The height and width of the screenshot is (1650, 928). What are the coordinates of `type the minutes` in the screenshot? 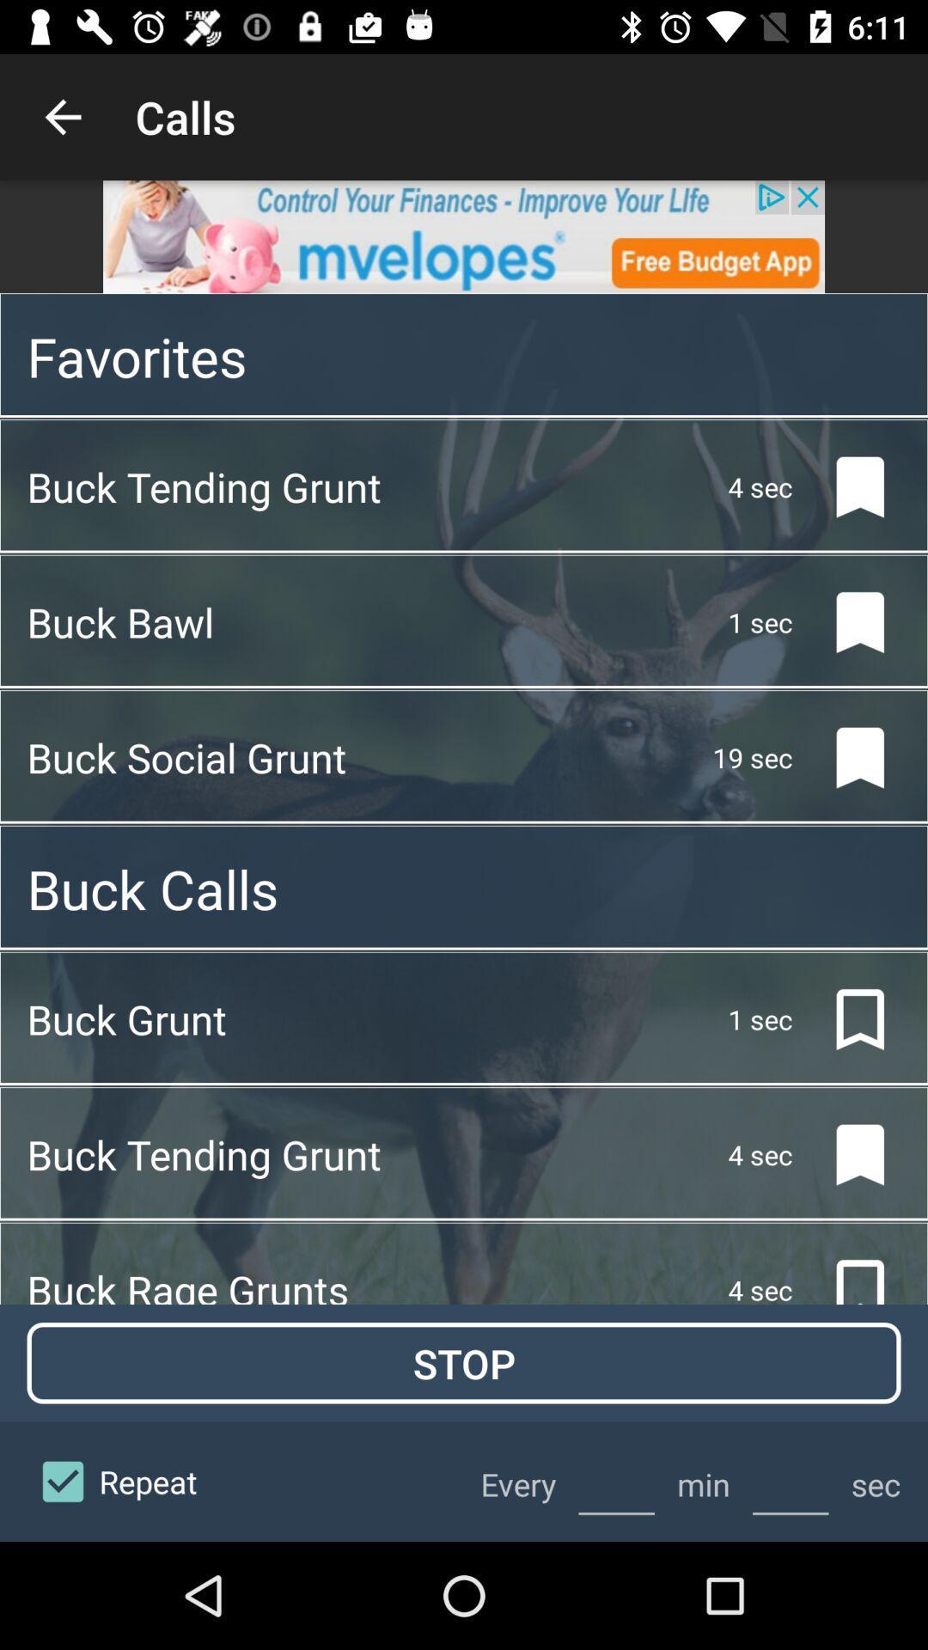 It's located at (615, 1481).